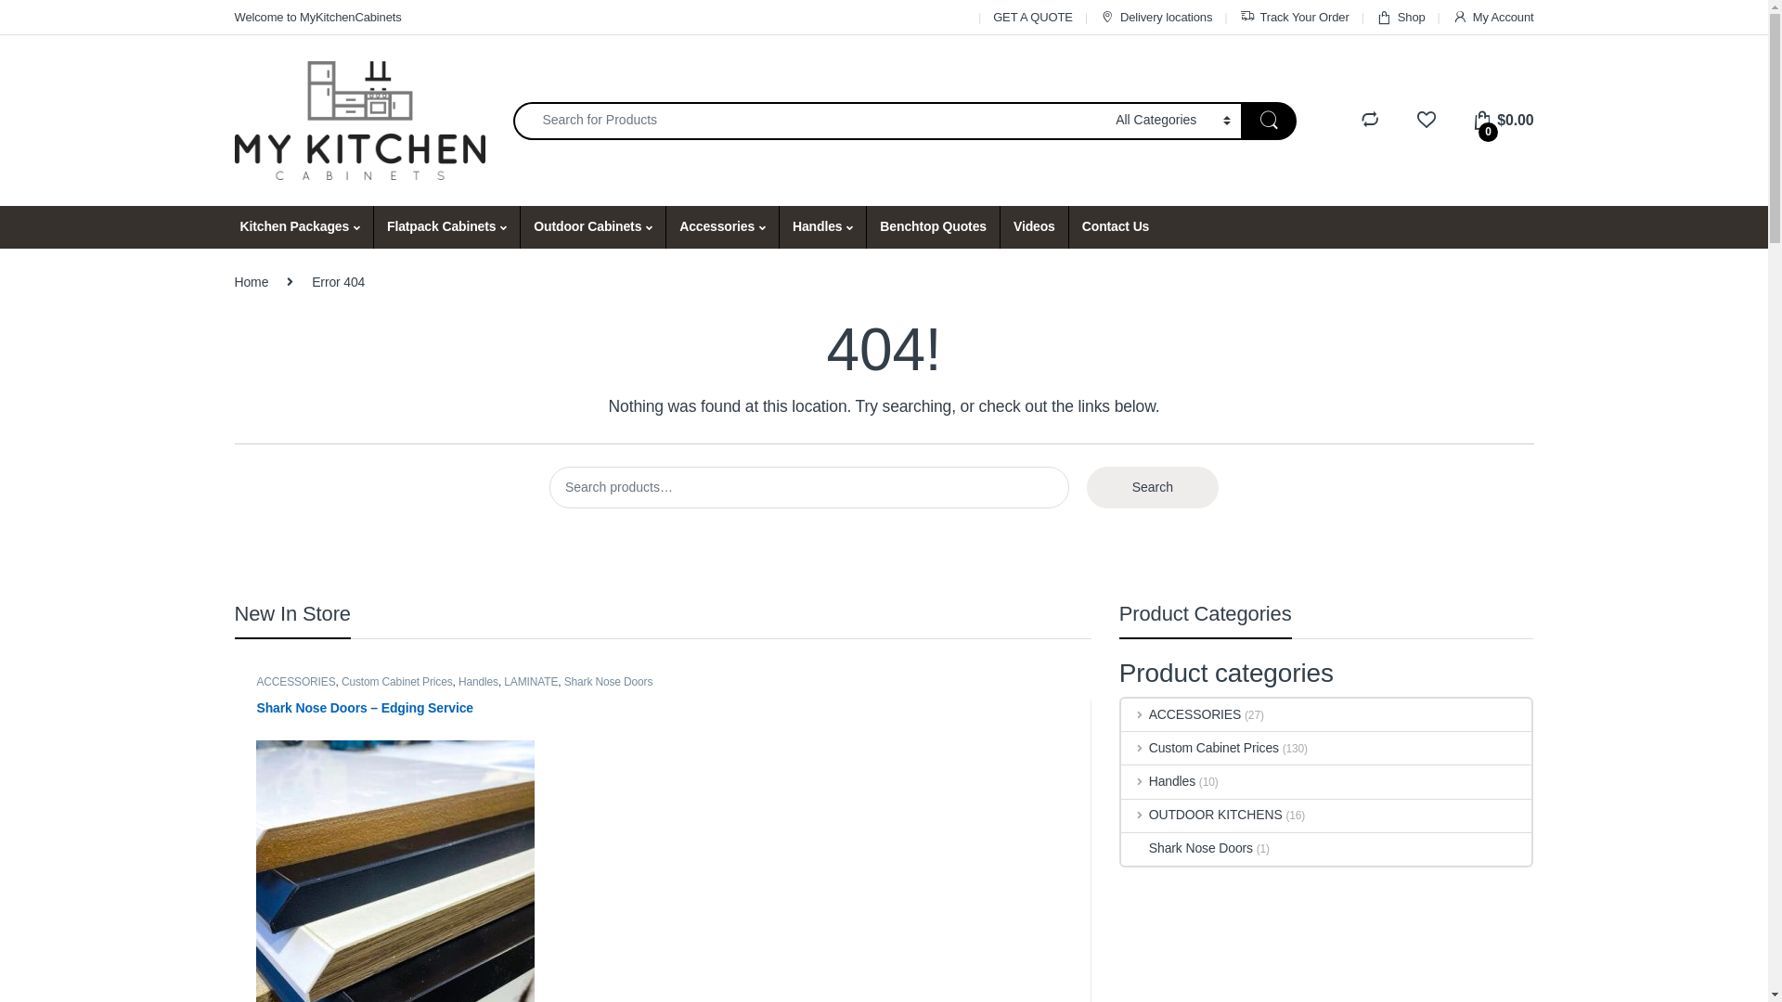 The width and height of the screenshot is (1782, 1002). Describe the element at coordinates (1470, 120) in the screenshot. I see `'0` at that location.